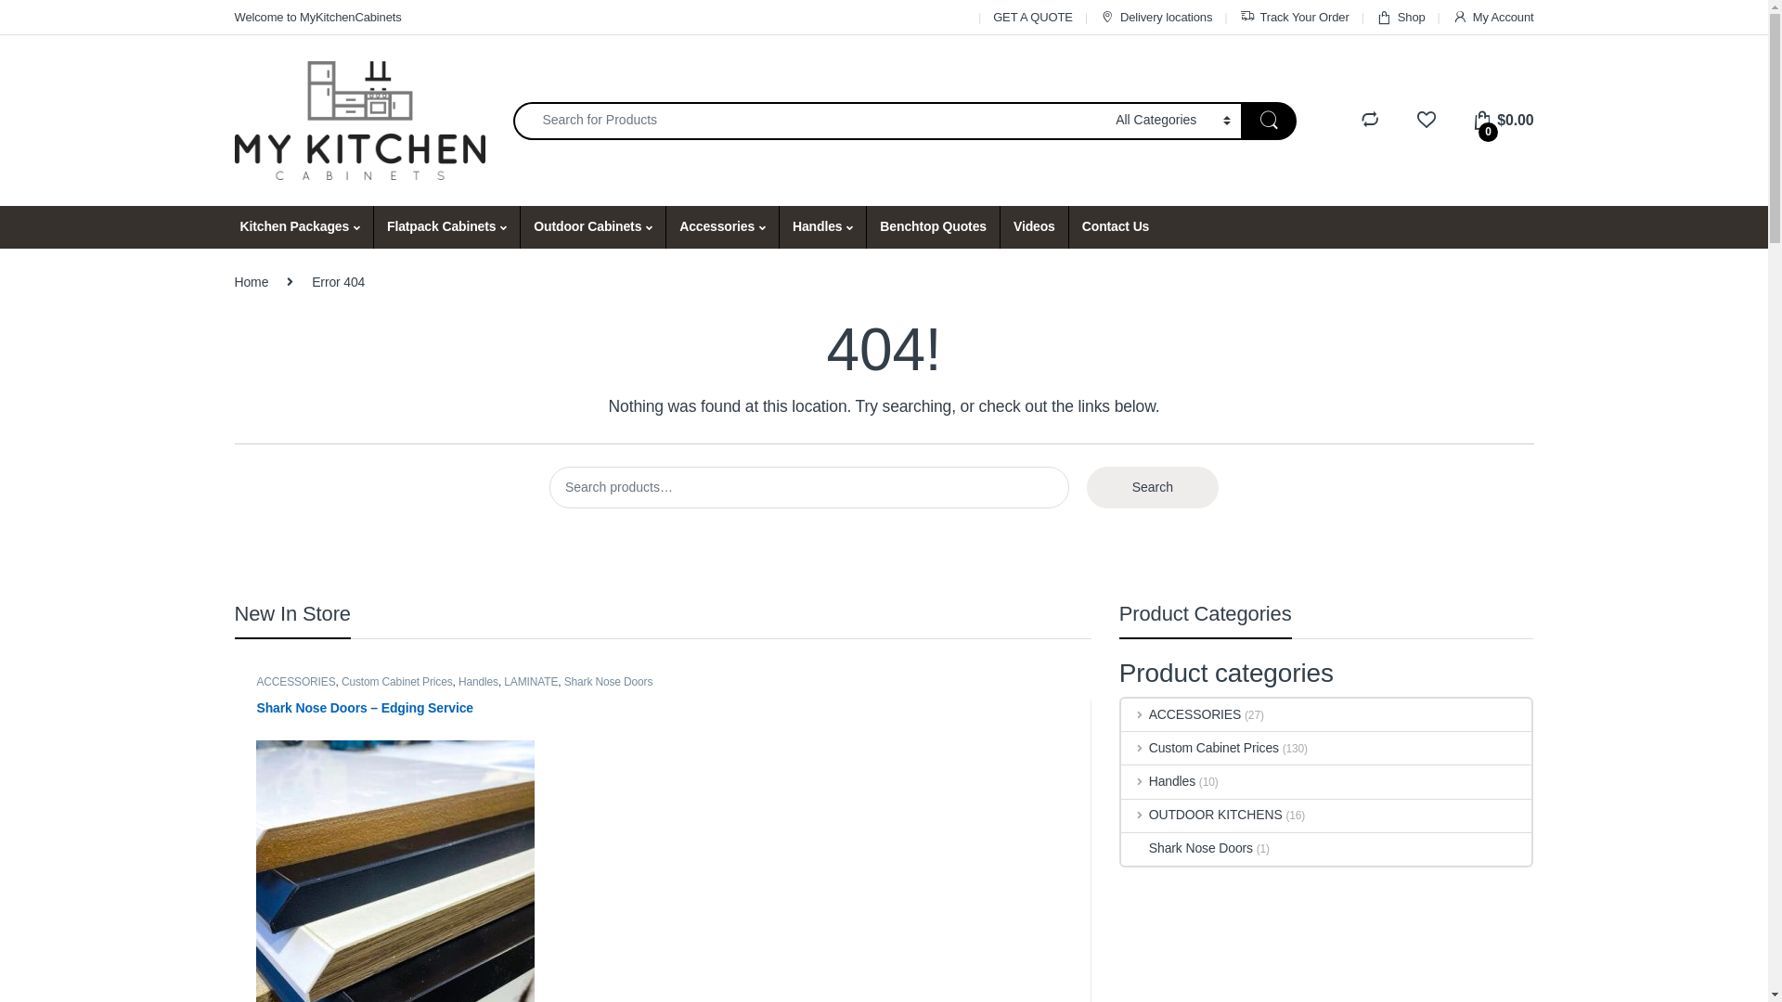 The width and height of the screenshot is (1782, 1002). Describe the element at coordinates (1470, 120) in the screenshot. I see `'0` at that location.